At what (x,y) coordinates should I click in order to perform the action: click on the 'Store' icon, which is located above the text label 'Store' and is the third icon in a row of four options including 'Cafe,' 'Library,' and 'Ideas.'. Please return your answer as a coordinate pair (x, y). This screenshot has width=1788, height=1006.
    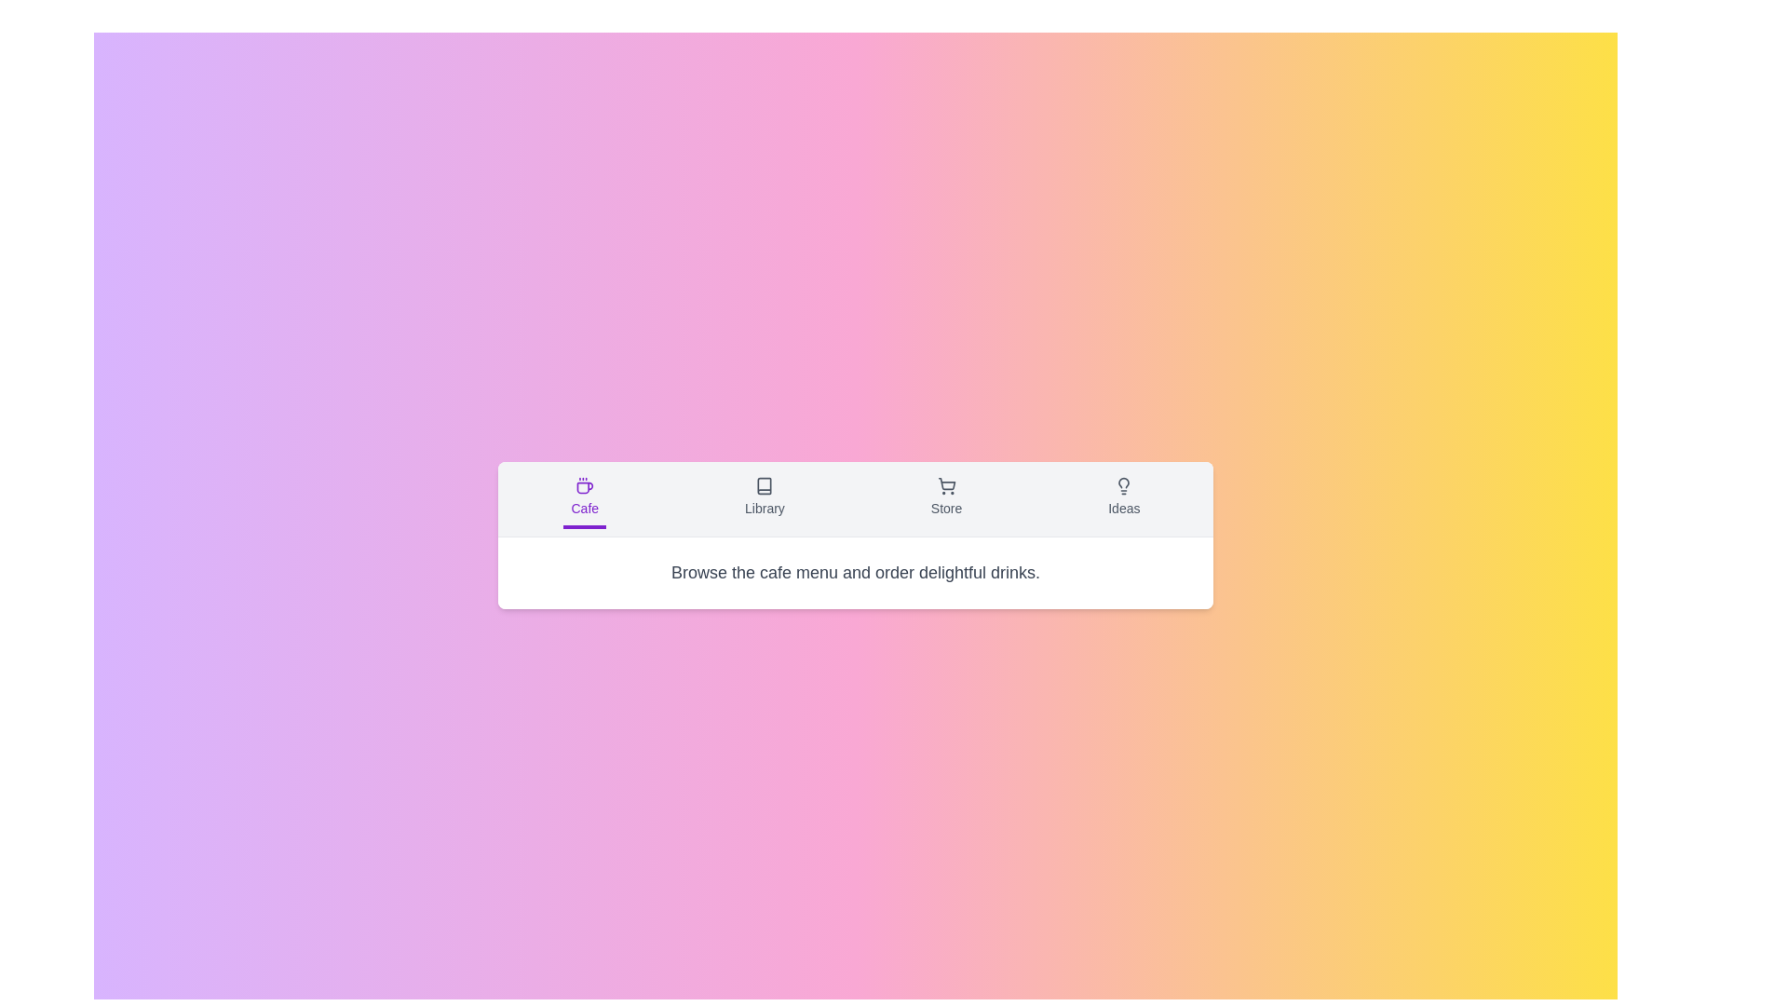
    Looking at the image, I should click on (946, 484).